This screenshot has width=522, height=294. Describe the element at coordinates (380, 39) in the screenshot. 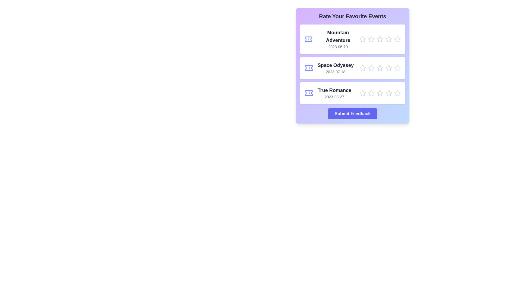

I see `the star corresponding to the rating 3 for the movie Mountain Adventure` at that location.